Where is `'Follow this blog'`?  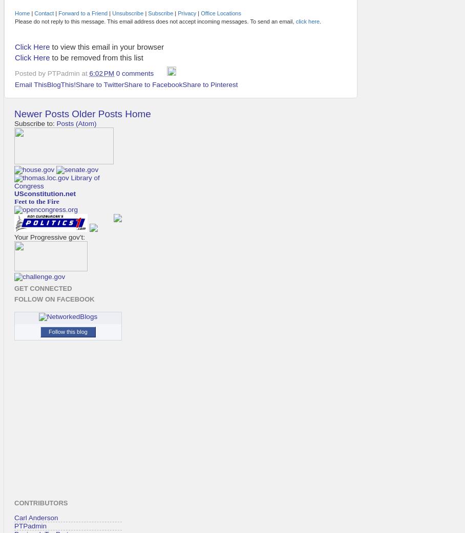
'Follow this blog' is located at coordinates (48, 330).